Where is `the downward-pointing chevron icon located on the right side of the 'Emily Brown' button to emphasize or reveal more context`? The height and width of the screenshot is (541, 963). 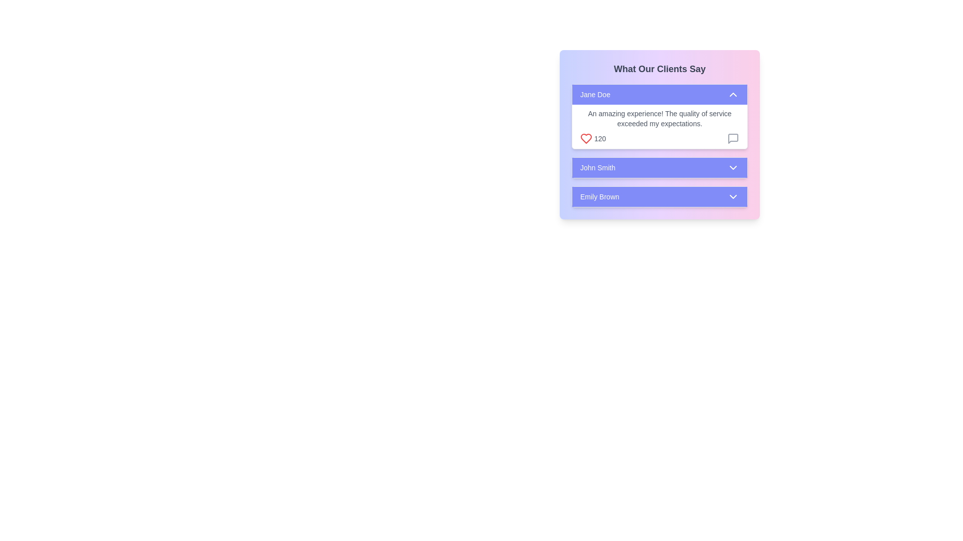
the downward-pointing chevron icon located on the right side of the 'Emily Brown' button to emphasize or reveal more context is located at coordinates (733, 197).